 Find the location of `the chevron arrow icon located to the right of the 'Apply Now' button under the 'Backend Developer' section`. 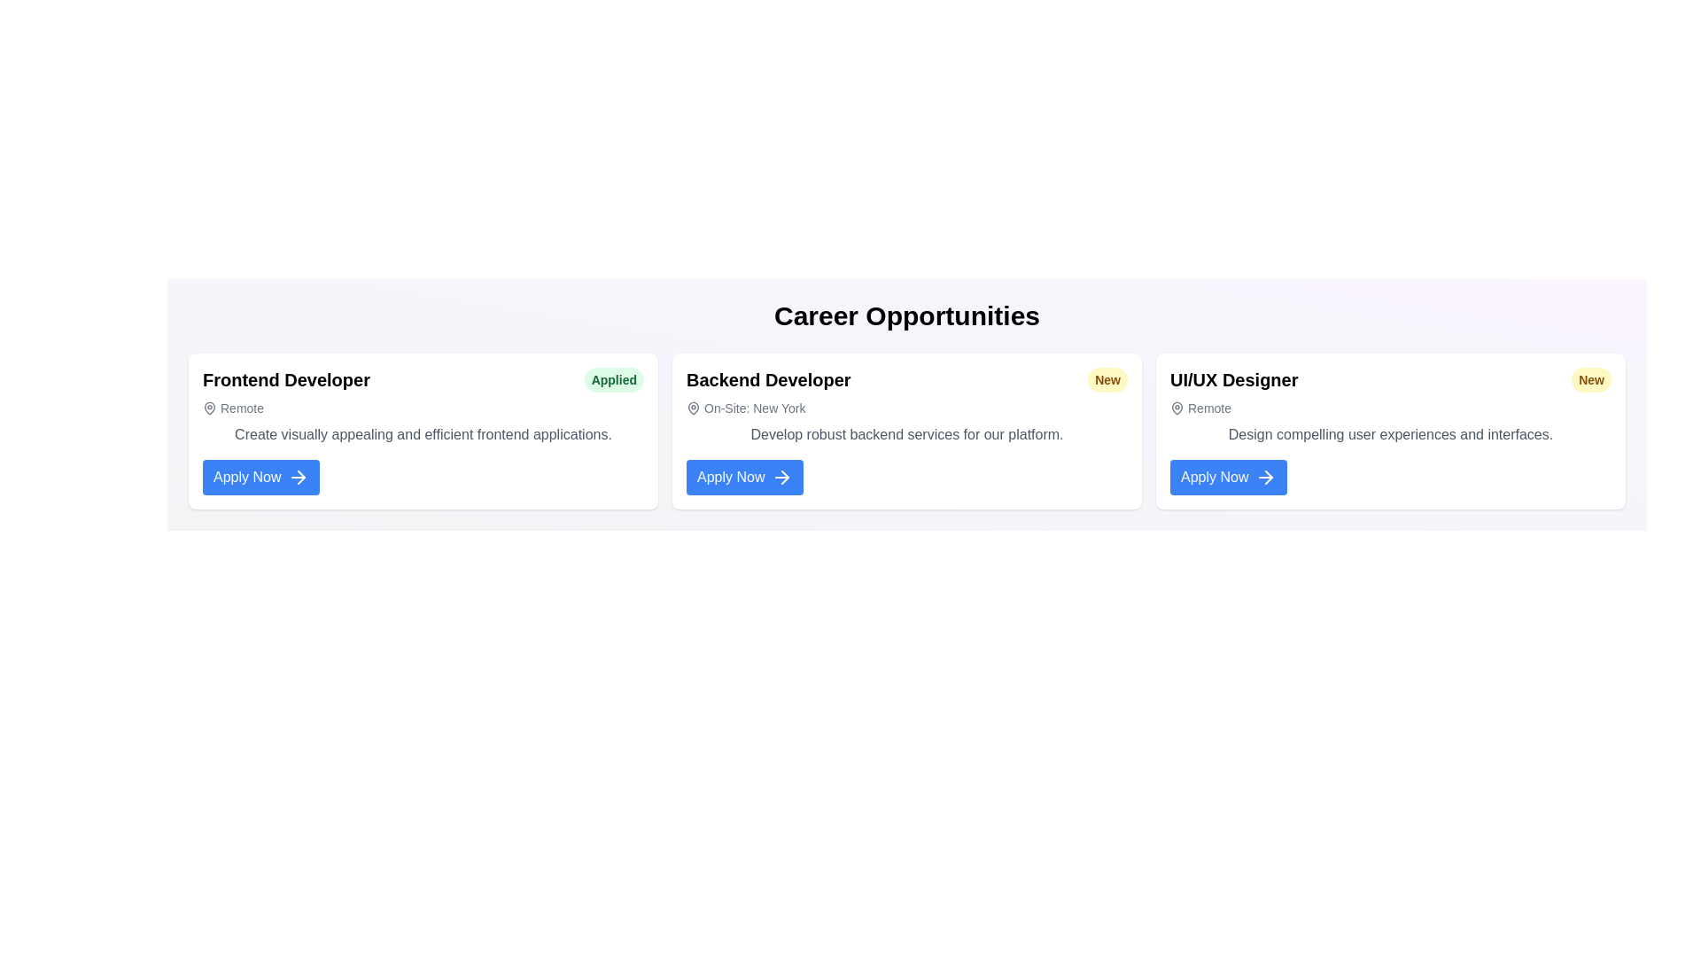

the chevron arrow icon located to the right of the 'Apply Now' button under the 'Backend Developer' section is located at coordinates (785, 477).